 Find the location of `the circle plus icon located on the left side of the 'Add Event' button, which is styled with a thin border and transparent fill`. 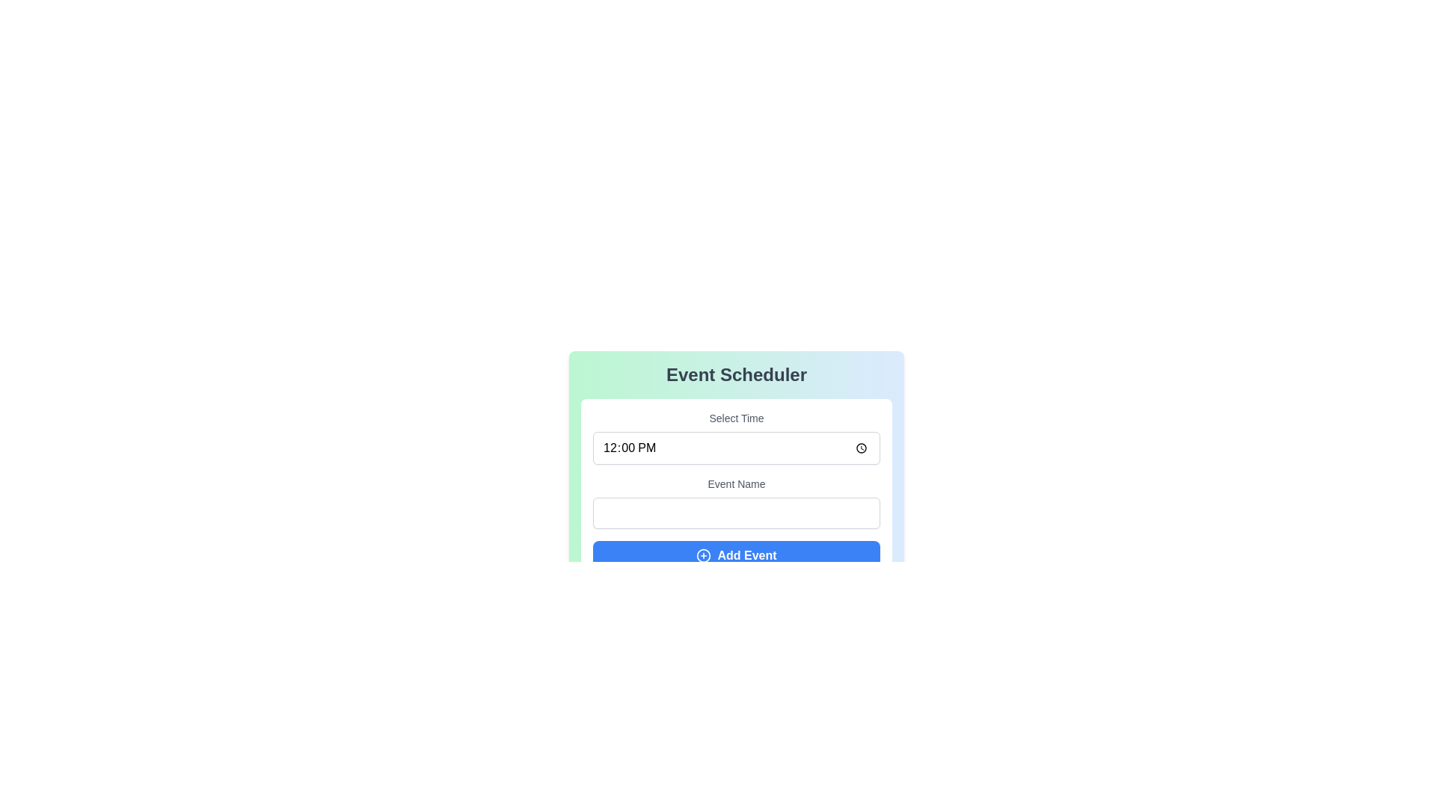

the circle plus icon located on the left side of the 'Add Event' button, which is styled with a thin border and transparent fill is located at coordinates (703, 556).